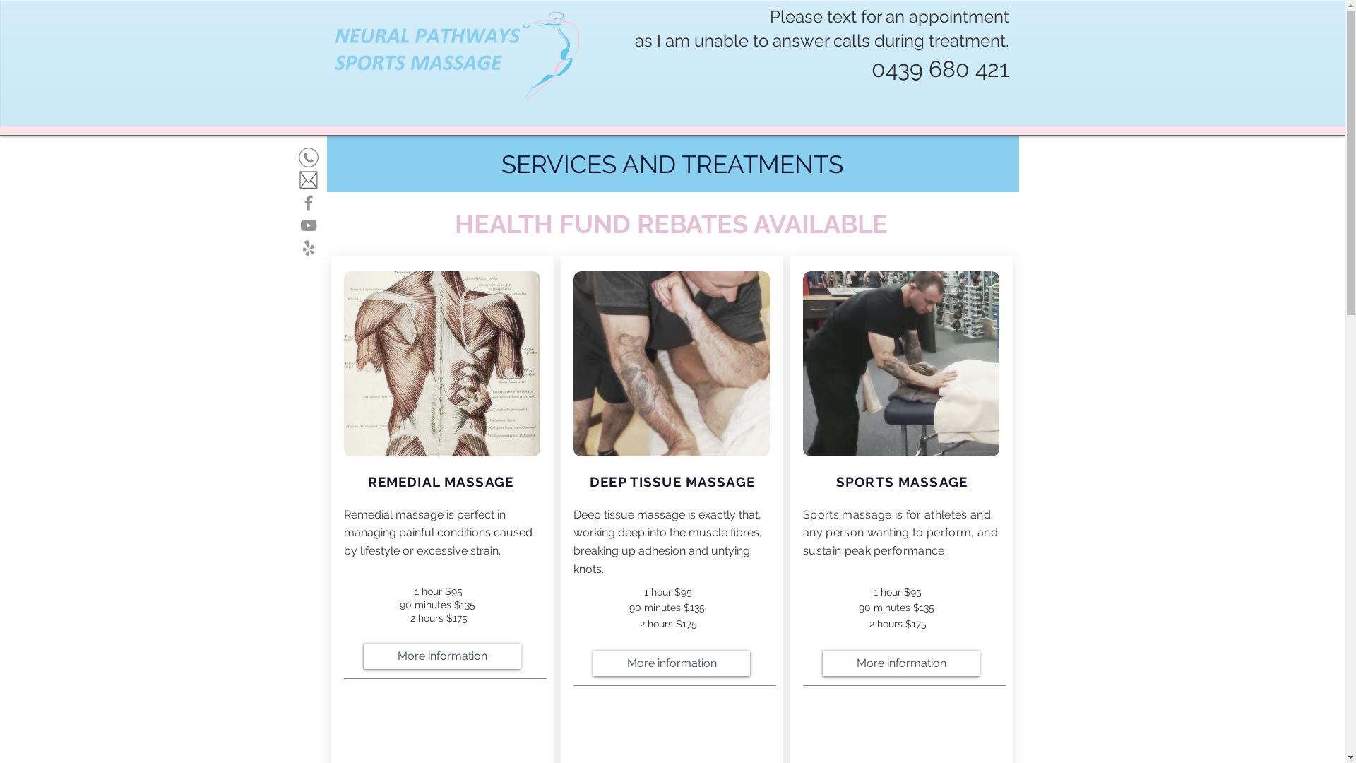 The image size is (1356, 763). Describe the element at coordinates (671, 481) in the screenshot. I see `'DEEP TISSUE MASSAGE'` at that location.